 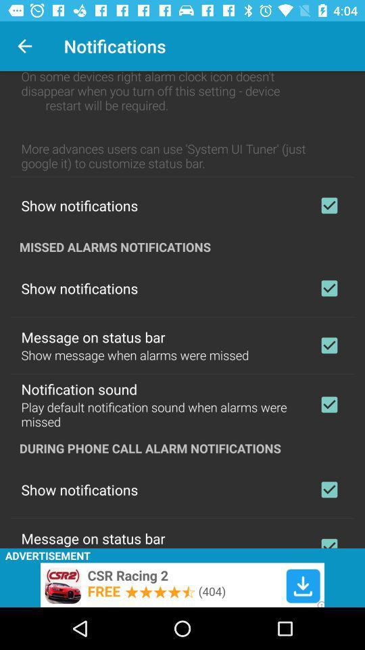 What do you see at coordinates (328, 404) in the screenshot?
I see `selected item` at bounding box center [328, 404].